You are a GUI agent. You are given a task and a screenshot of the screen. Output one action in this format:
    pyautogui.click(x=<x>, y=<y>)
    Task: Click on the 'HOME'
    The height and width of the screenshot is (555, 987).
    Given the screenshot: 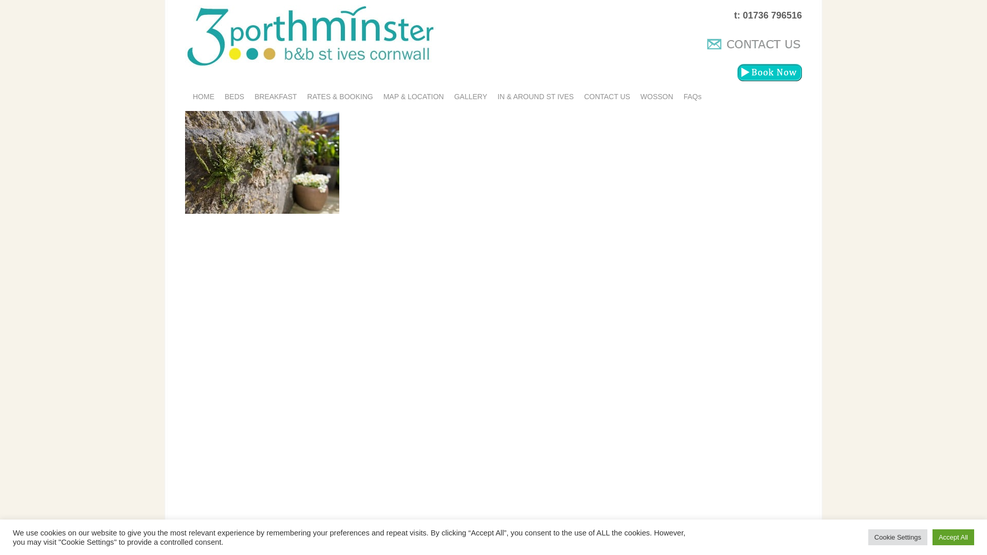 What is the action you would take?
    pyautogui.click(x=203, y=97)
    